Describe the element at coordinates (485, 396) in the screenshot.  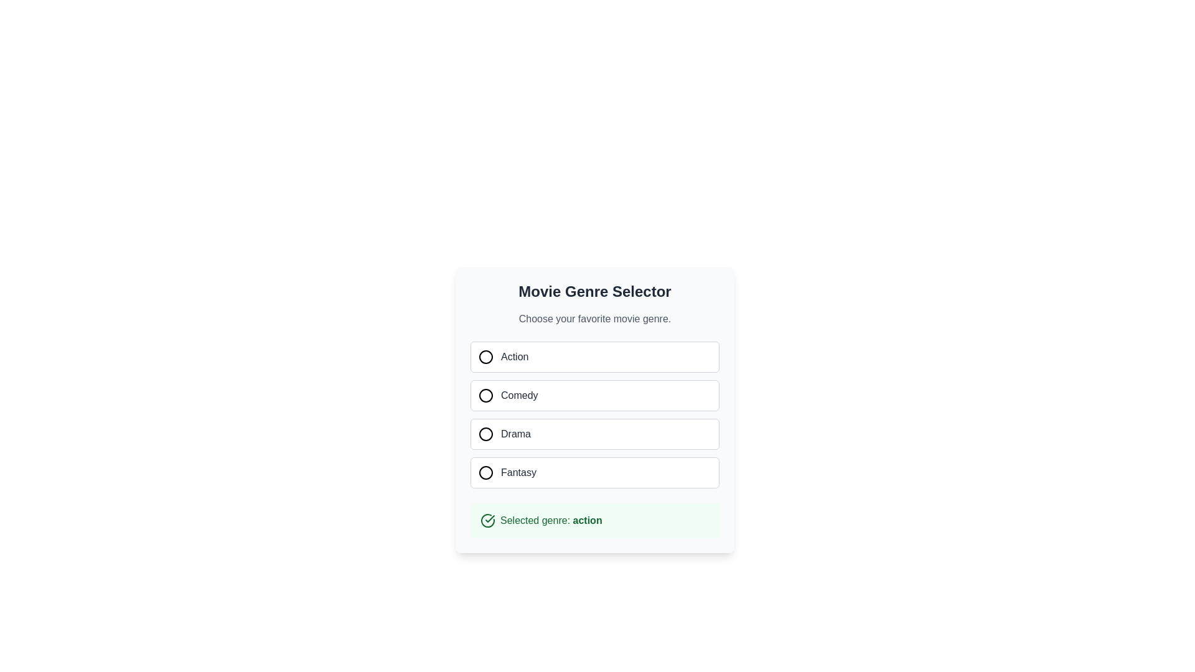
I see `the radio button indicating the 'Comedy' genre` at that location.